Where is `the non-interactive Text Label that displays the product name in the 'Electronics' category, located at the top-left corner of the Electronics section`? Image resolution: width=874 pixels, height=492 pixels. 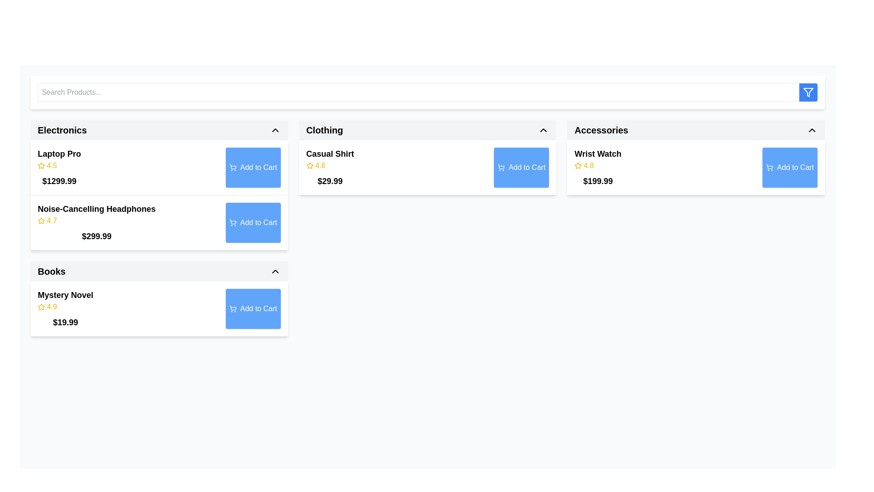 the non-interactive Text Label that displays the product name in the 'Electronics' category, located at the top-left corner of the Electronics section is located at coordinates (59, 154).